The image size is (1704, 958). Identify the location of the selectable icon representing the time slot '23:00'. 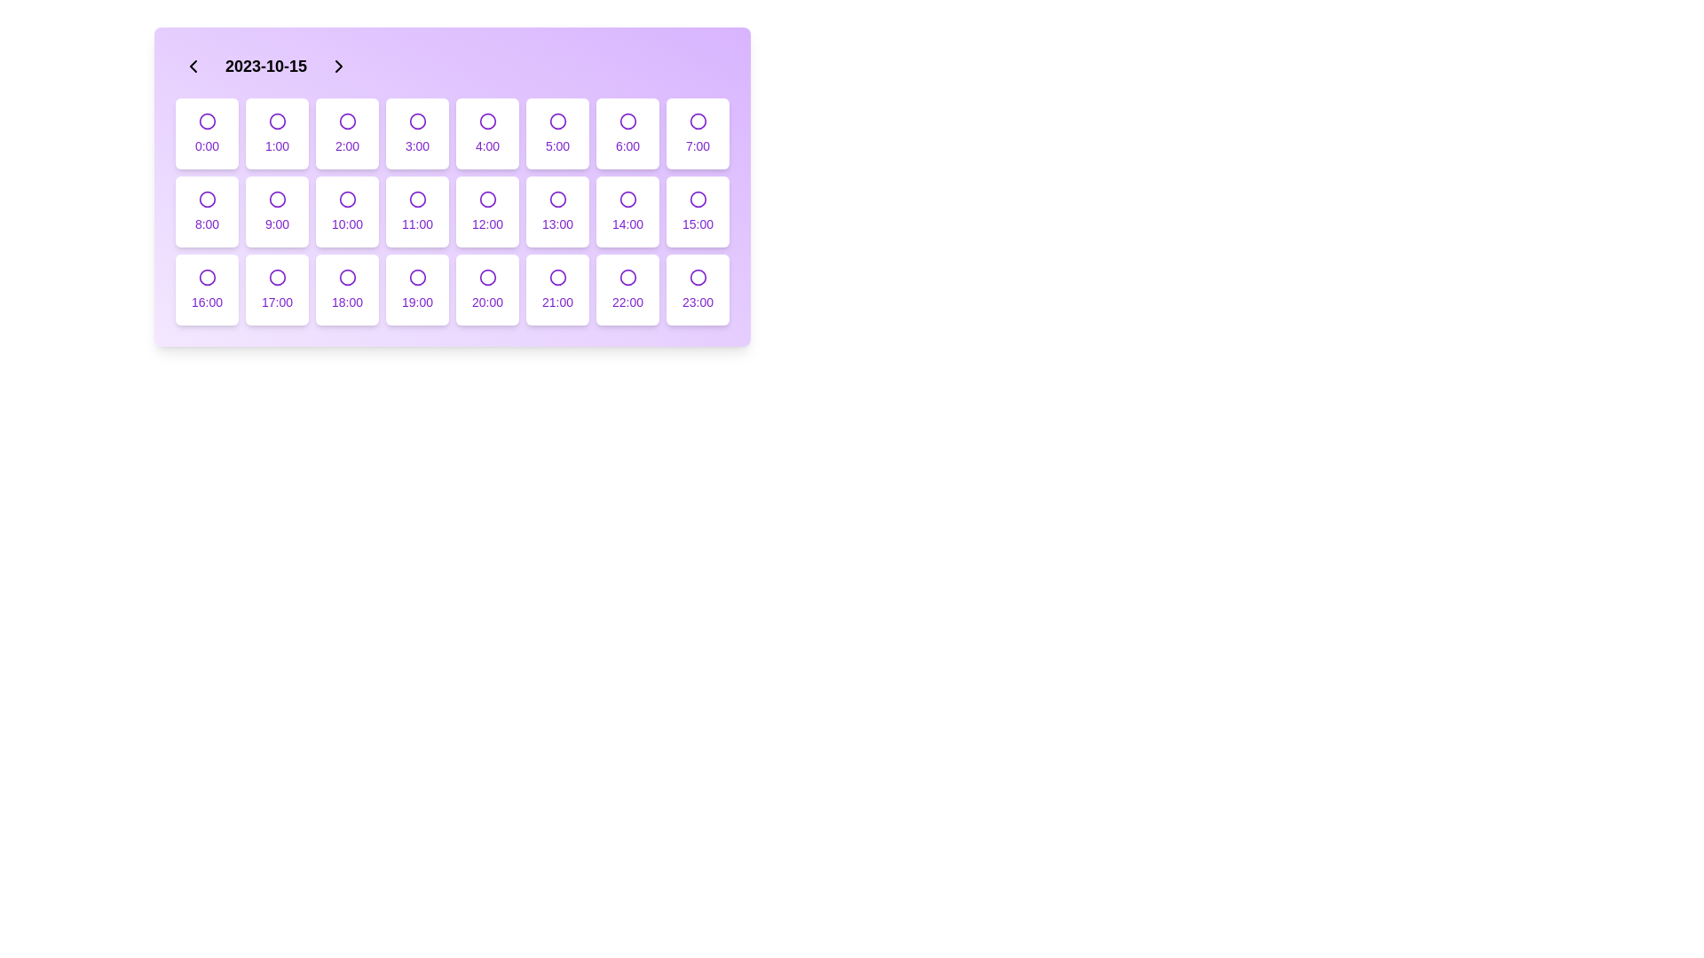
(697, 277).